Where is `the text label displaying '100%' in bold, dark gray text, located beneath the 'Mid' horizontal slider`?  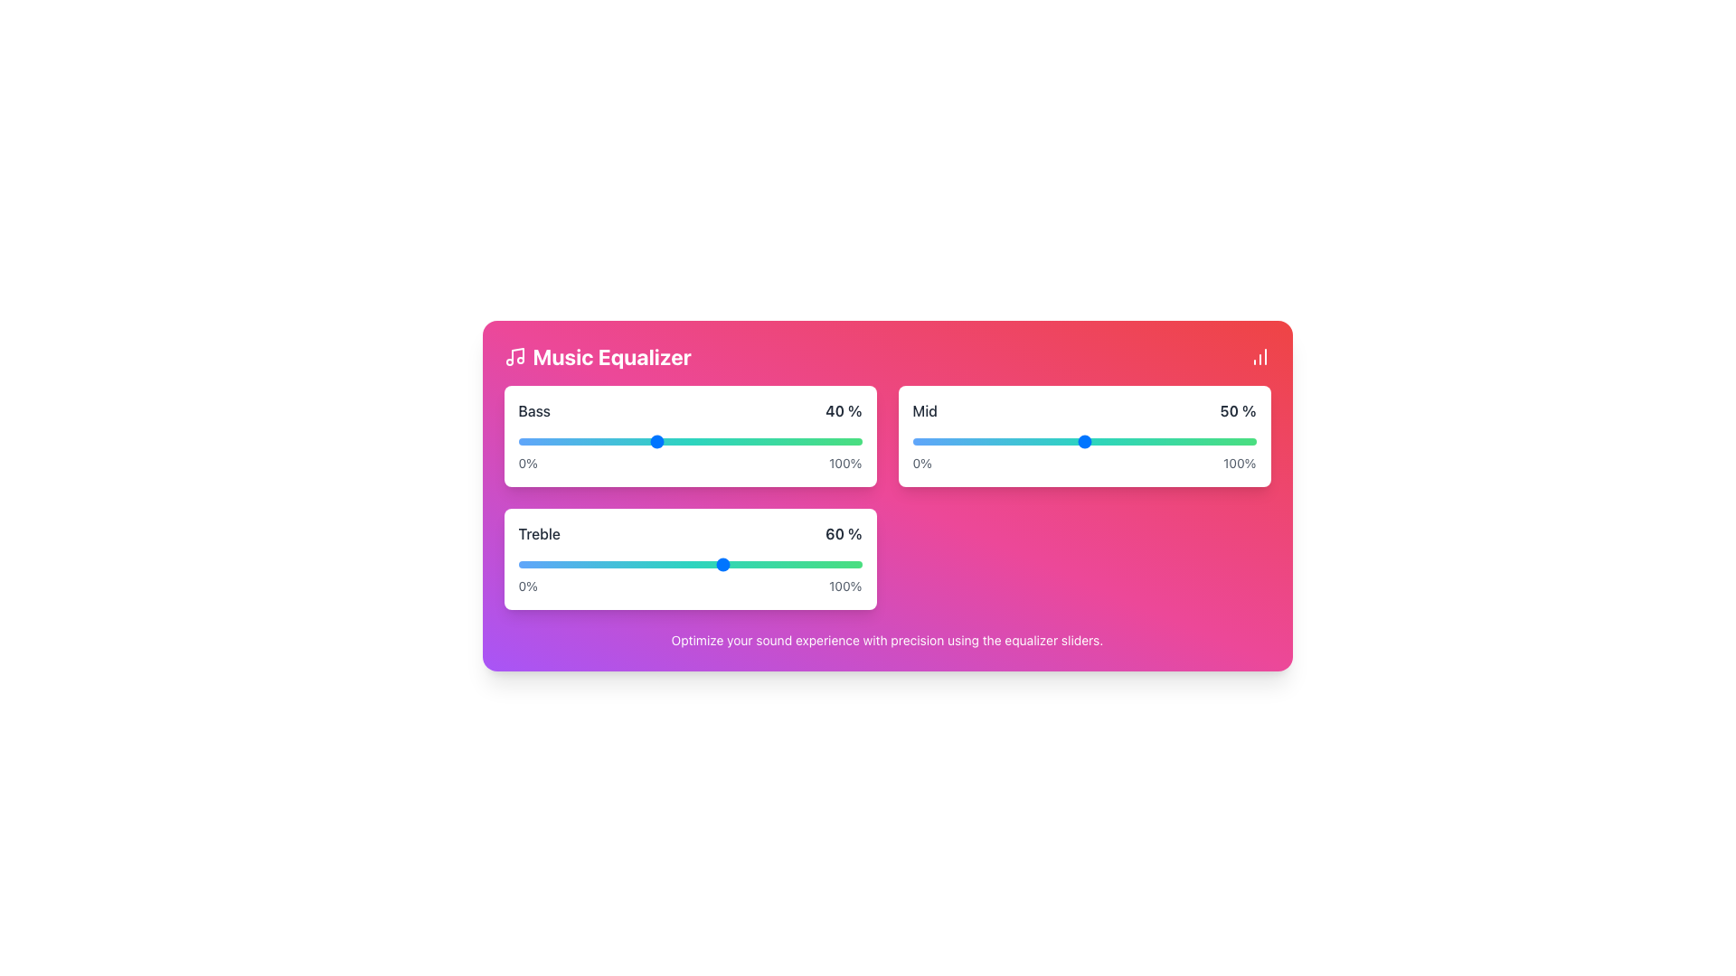 the text label displaying '100%' in bold, dark gray text, located beneath the 'Mid' horizontal slider is located at coordinates (1239, 463).